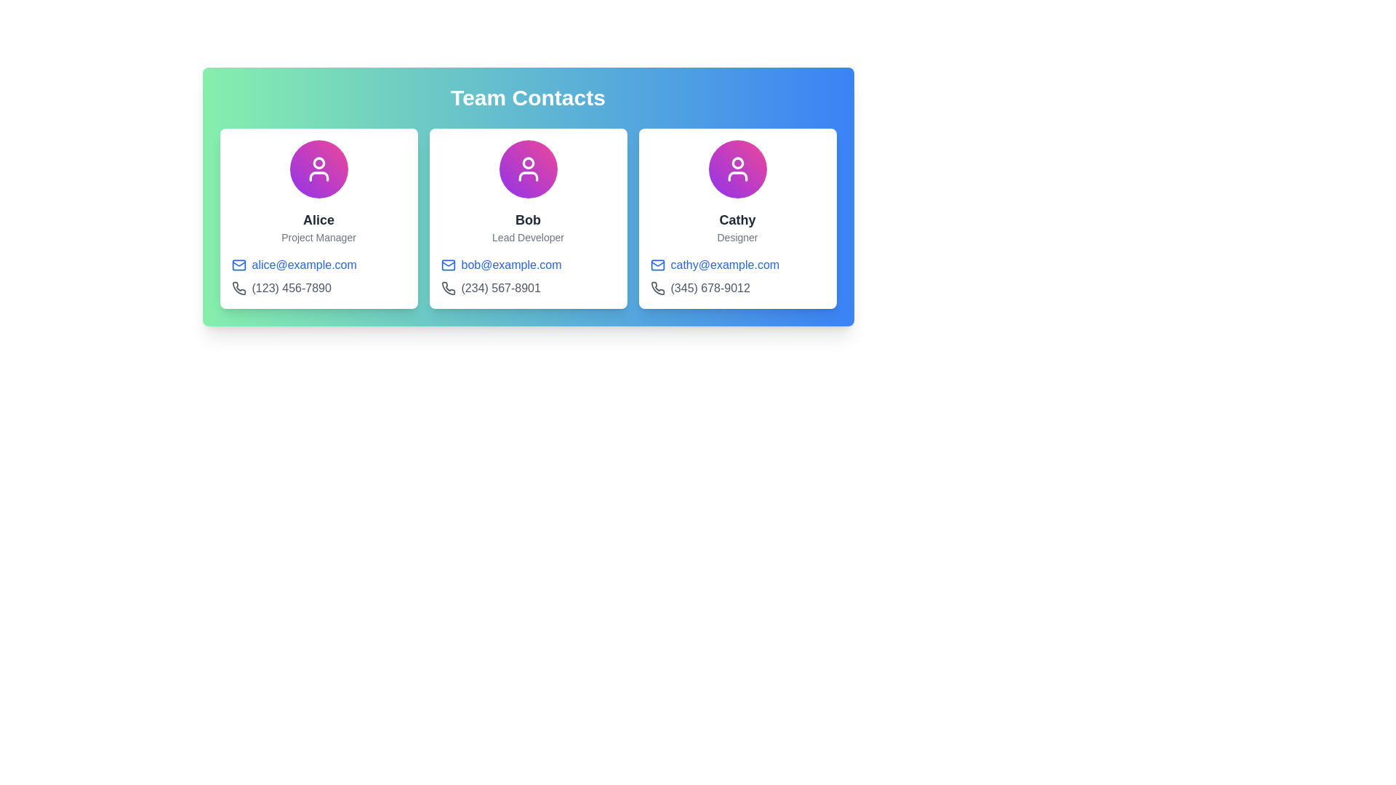 The height and width of the screenshot is (785, 1396). I want to click on the clickable text hyperlink displaying the email address 'alice@example.com' located in the first card under the 'Team Contacts' section, so click(303, 265).